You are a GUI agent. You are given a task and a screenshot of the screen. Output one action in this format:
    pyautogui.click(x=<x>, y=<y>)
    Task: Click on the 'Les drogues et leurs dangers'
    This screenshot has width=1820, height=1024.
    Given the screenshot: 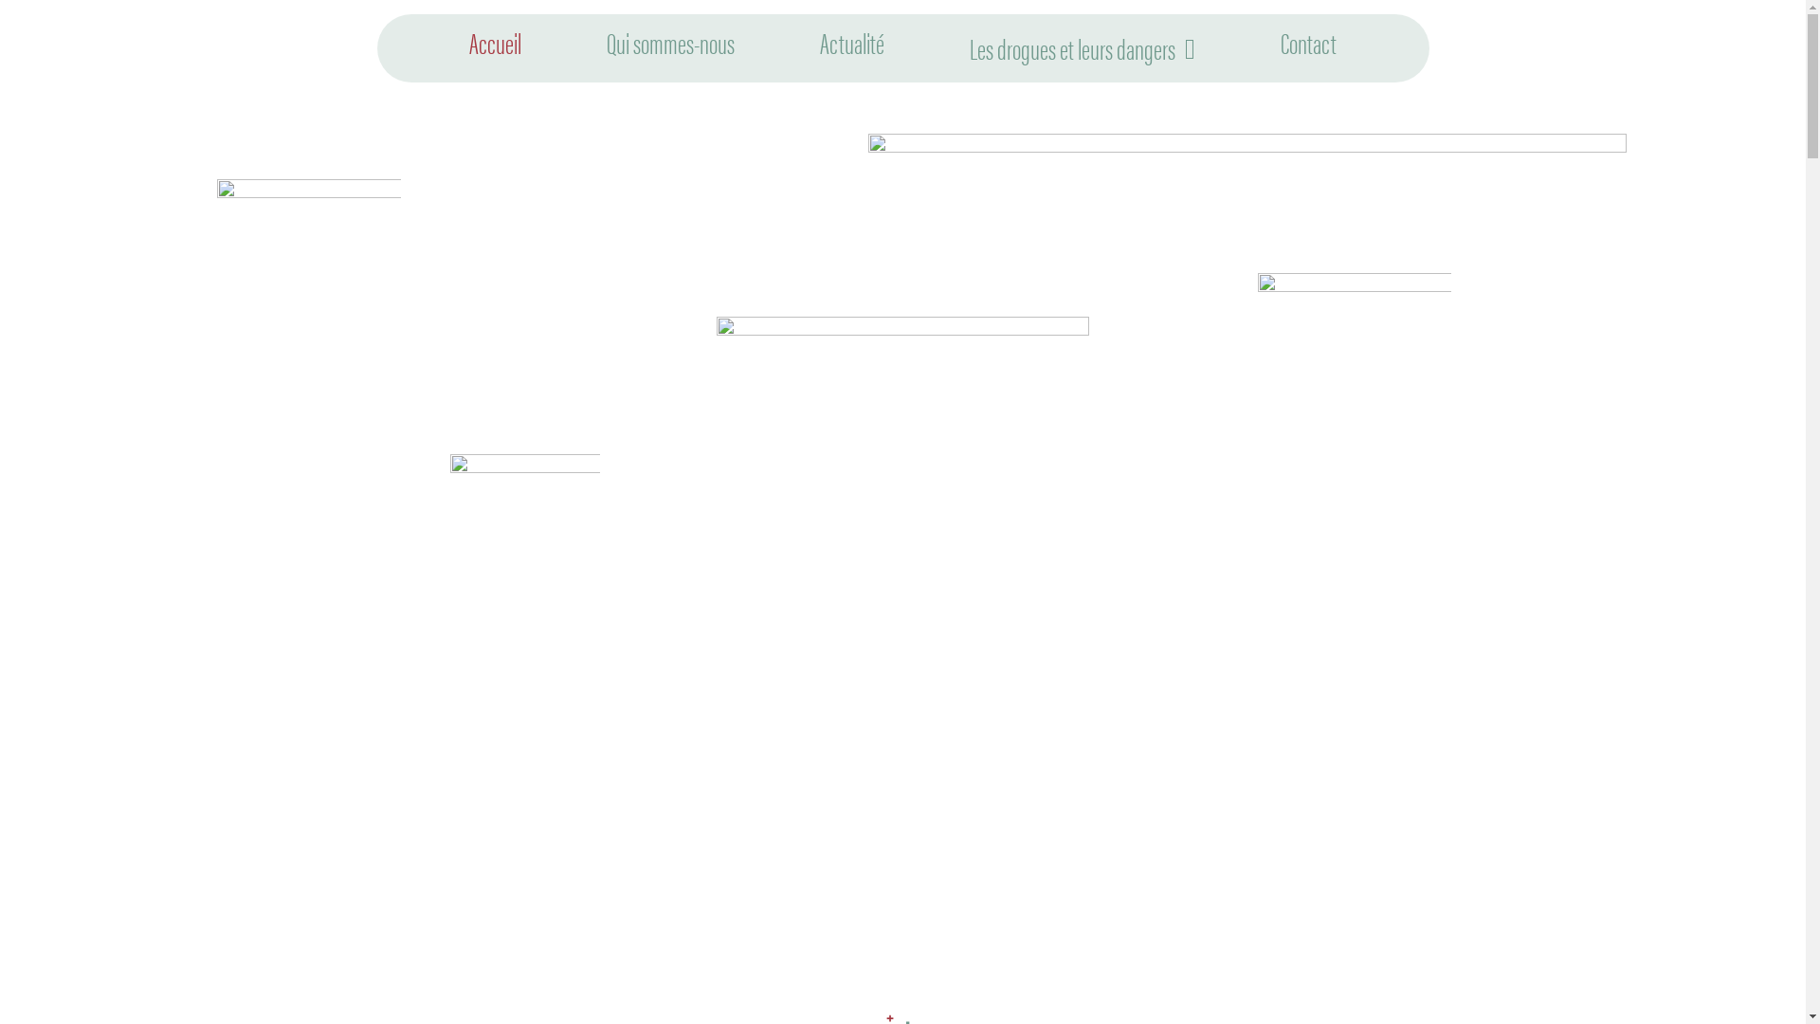 What is the action you would take?
    pyautogui.click(x=1083, y=46)
    